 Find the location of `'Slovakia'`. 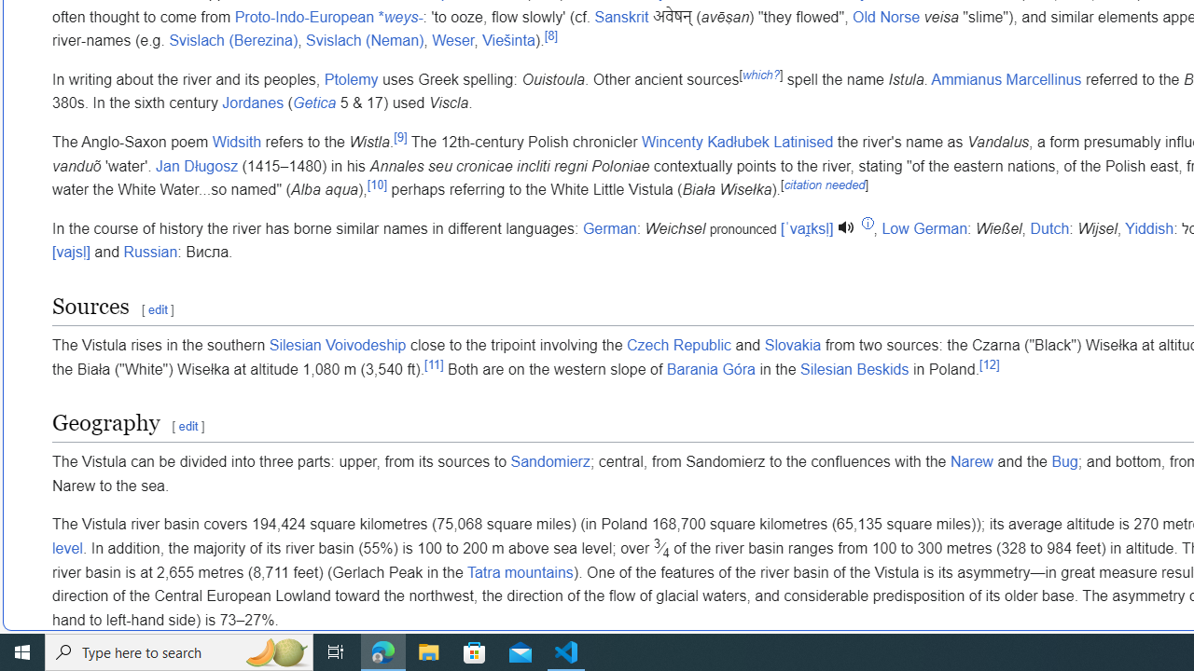

'Slovakia' is located at coordinates (792, 346).